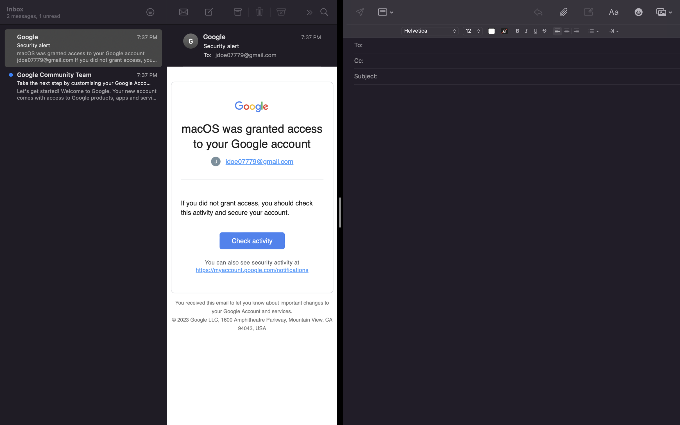 The height and width of the screenshot is (425, 680). I want to click on Change the writing style to bold and resize the font to 21, so click(518, 30).